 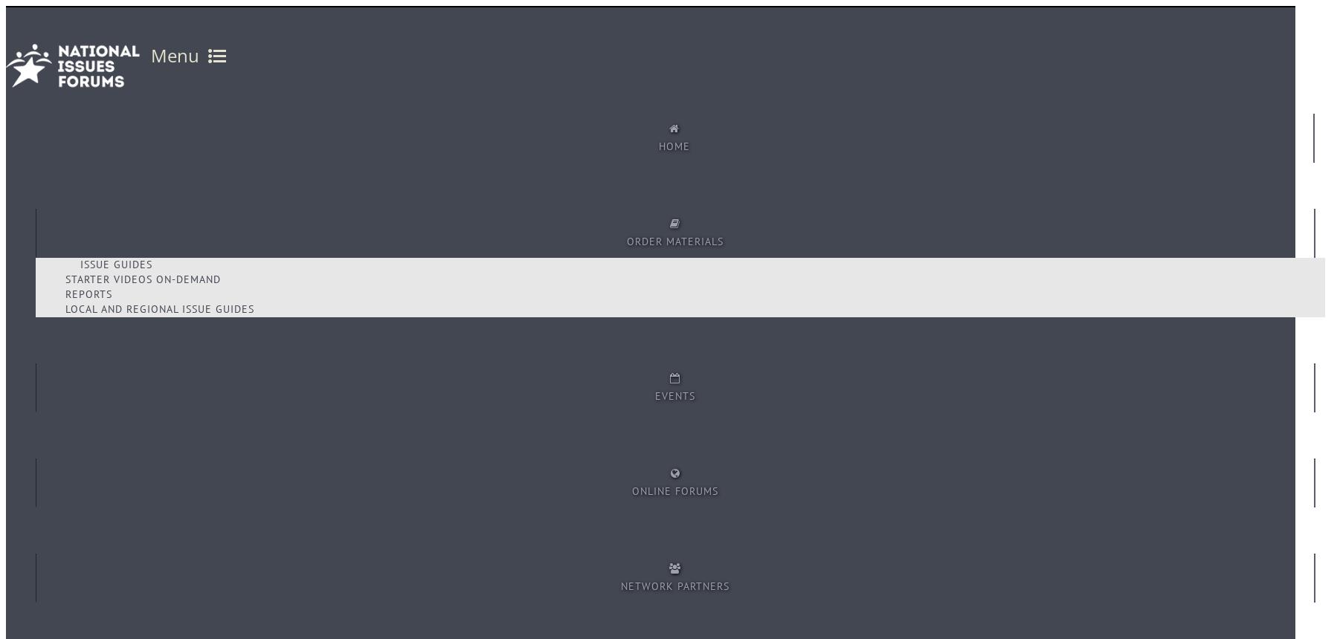 What do you see at coordinates (673, 146) in the screenshot?
I see `'Home'` at bounding box center [673, 146].